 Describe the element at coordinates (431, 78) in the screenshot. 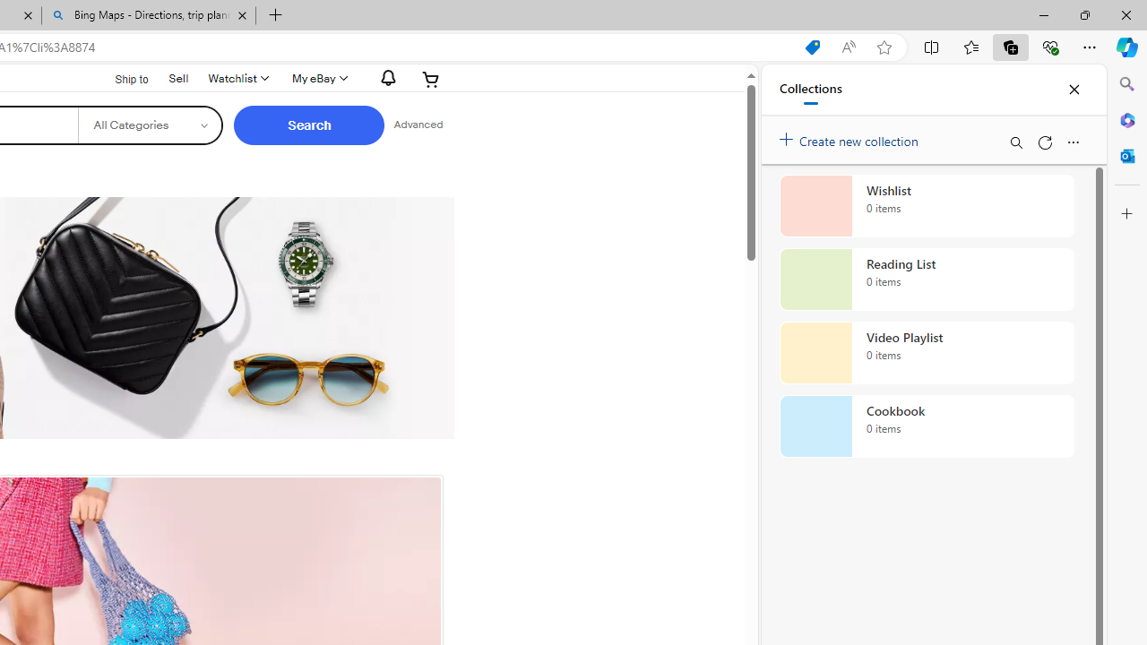

I see `'Your shopping cart'` at that location.